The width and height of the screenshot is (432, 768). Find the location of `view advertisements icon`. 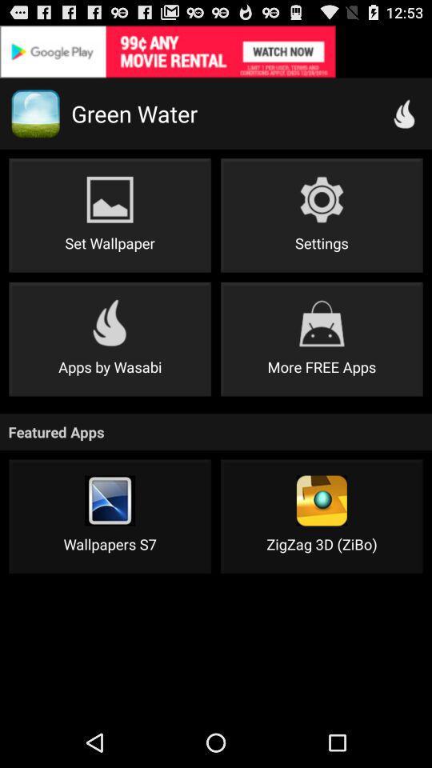

view advertisements icon is located at coordinates (216, 51).